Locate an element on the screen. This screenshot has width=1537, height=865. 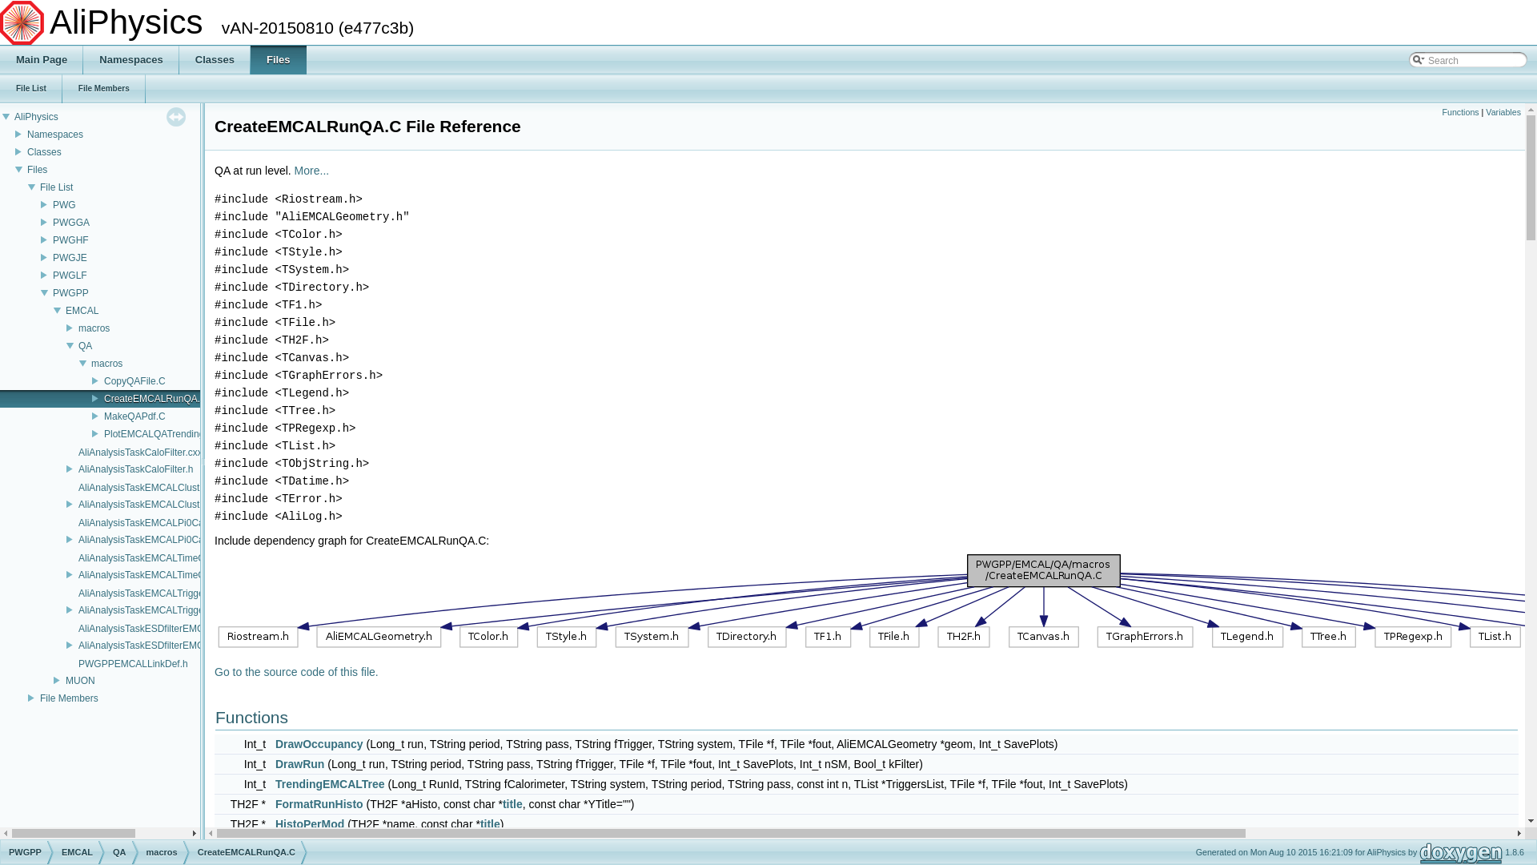
'AliPhysics' is located at coordinates (12, 116).